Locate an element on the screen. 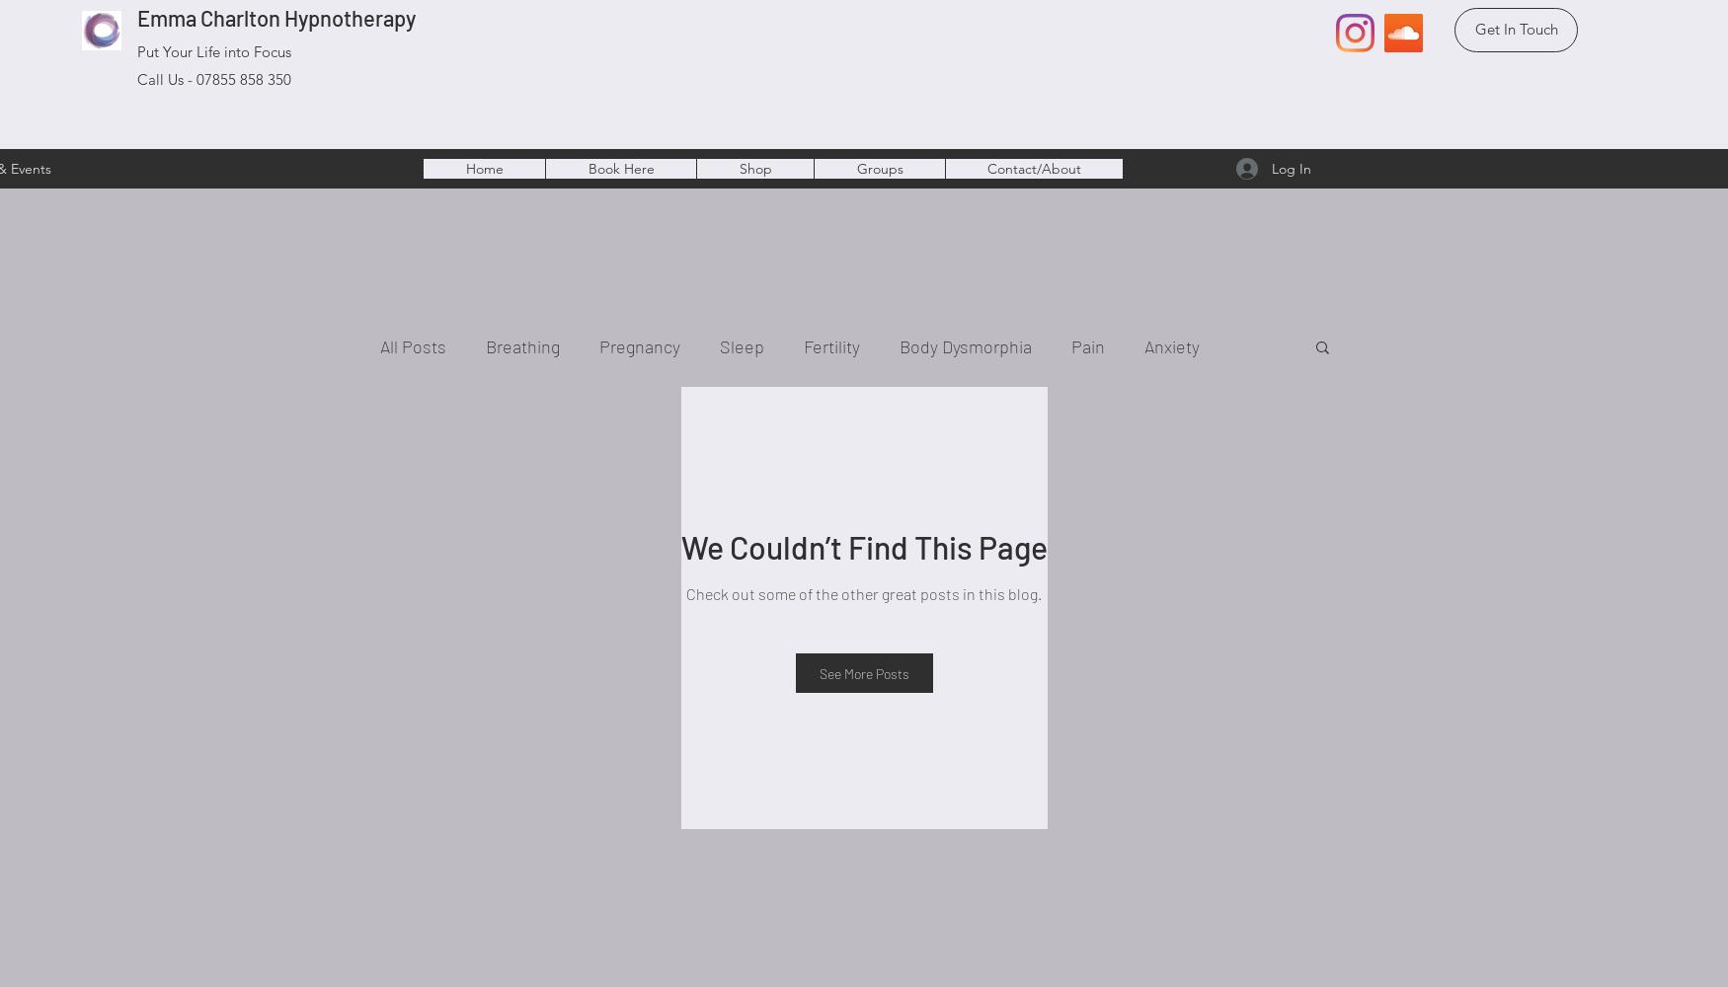  'Check out some of the other great posts in this blog.' is located at coordinates (864, 592).